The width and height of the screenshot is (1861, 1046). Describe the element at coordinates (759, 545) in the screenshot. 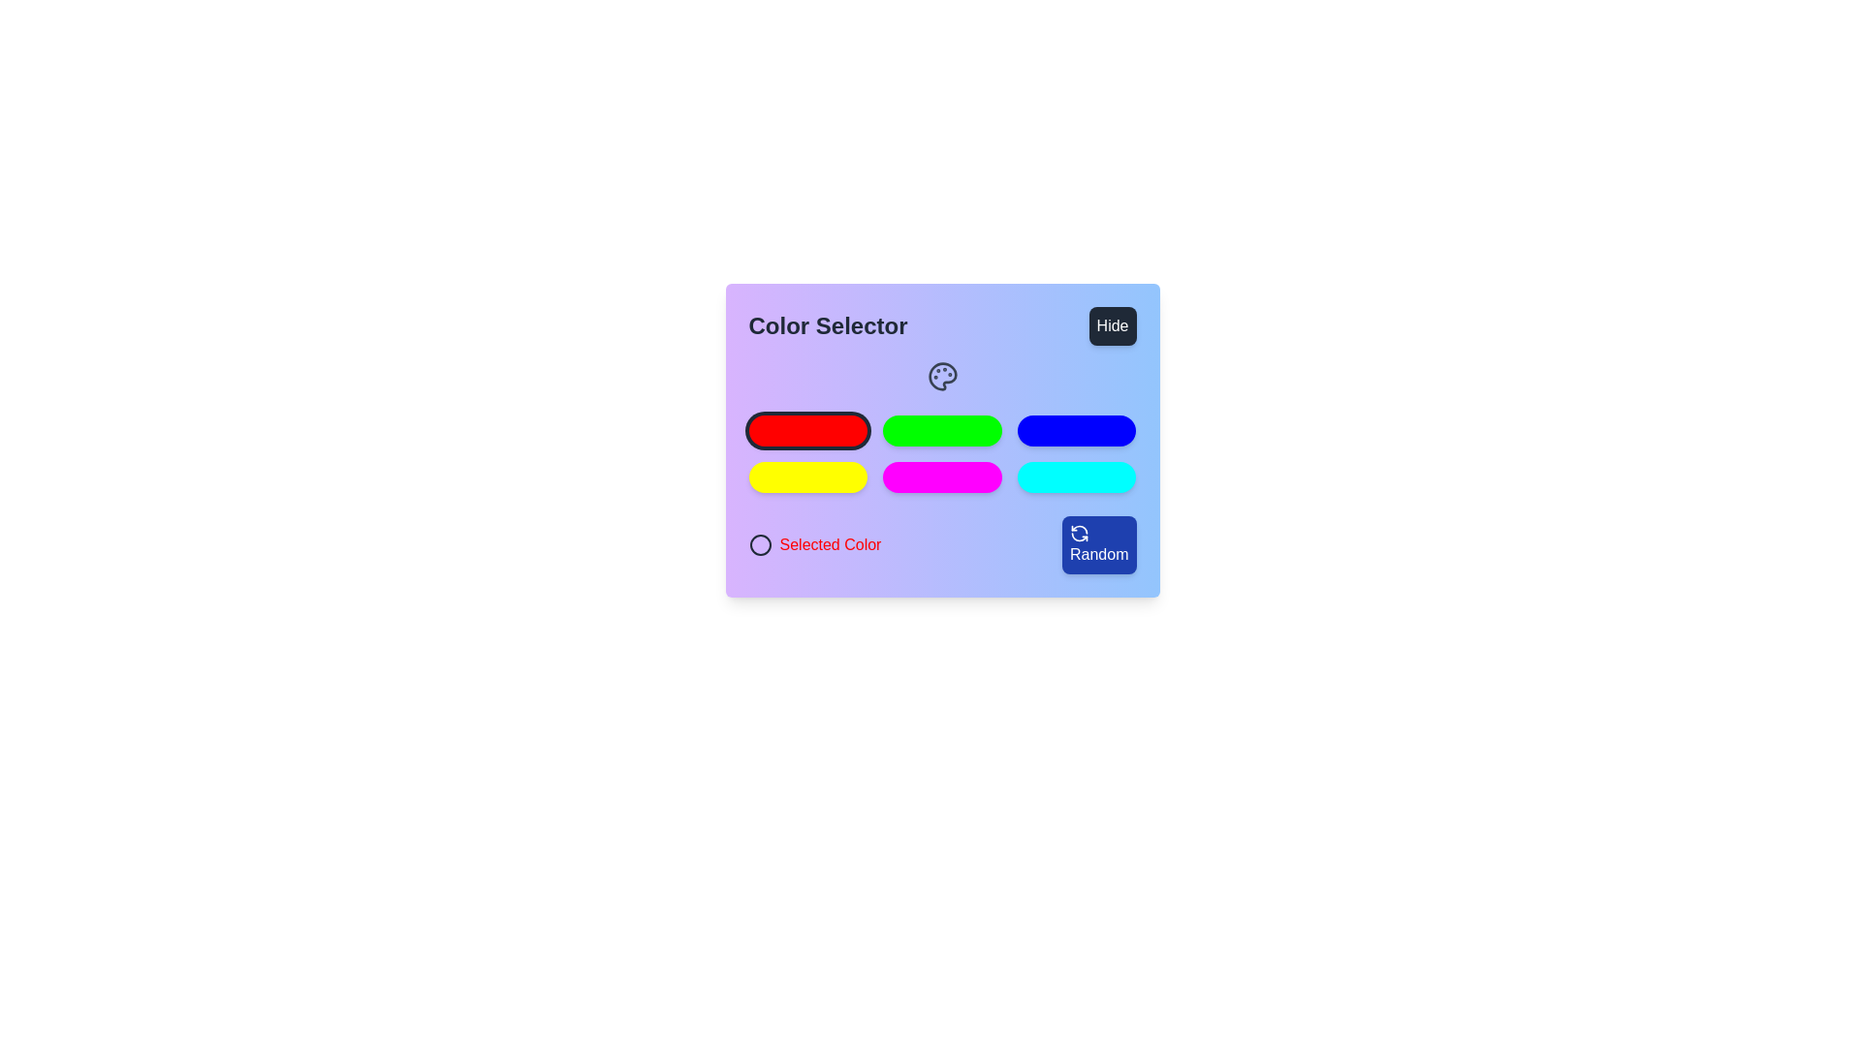

I see `the circular icon located in the center of the interface, which is part of a compact interactive design and positioned above the color selection buttons` at that location.